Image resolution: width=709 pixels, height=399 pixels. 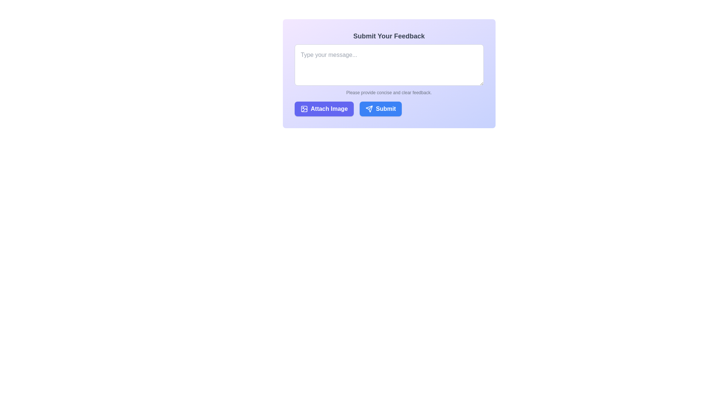 What do you see at coordinates (329, 109) in the screenshot?
I see `the text label 'Attach Image' which is styled with white text on a blue background and is part of a button group` at bounding box center [329, 109].